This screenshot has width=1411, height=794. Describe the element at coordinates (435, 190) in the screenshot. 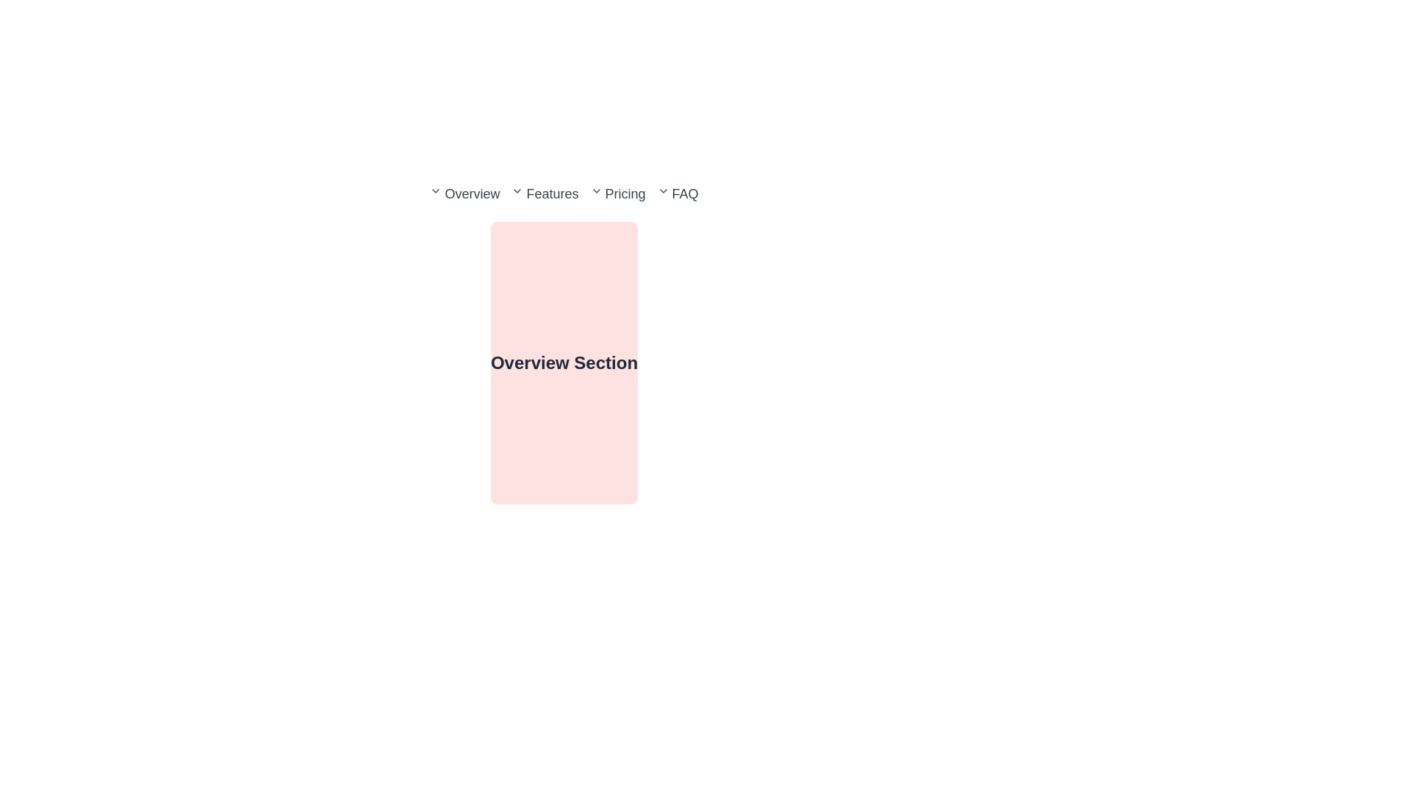

I see `the chevron icon representing the dropdown menu indicator located next to the 'Overview' text on the navigation bar` at that location.